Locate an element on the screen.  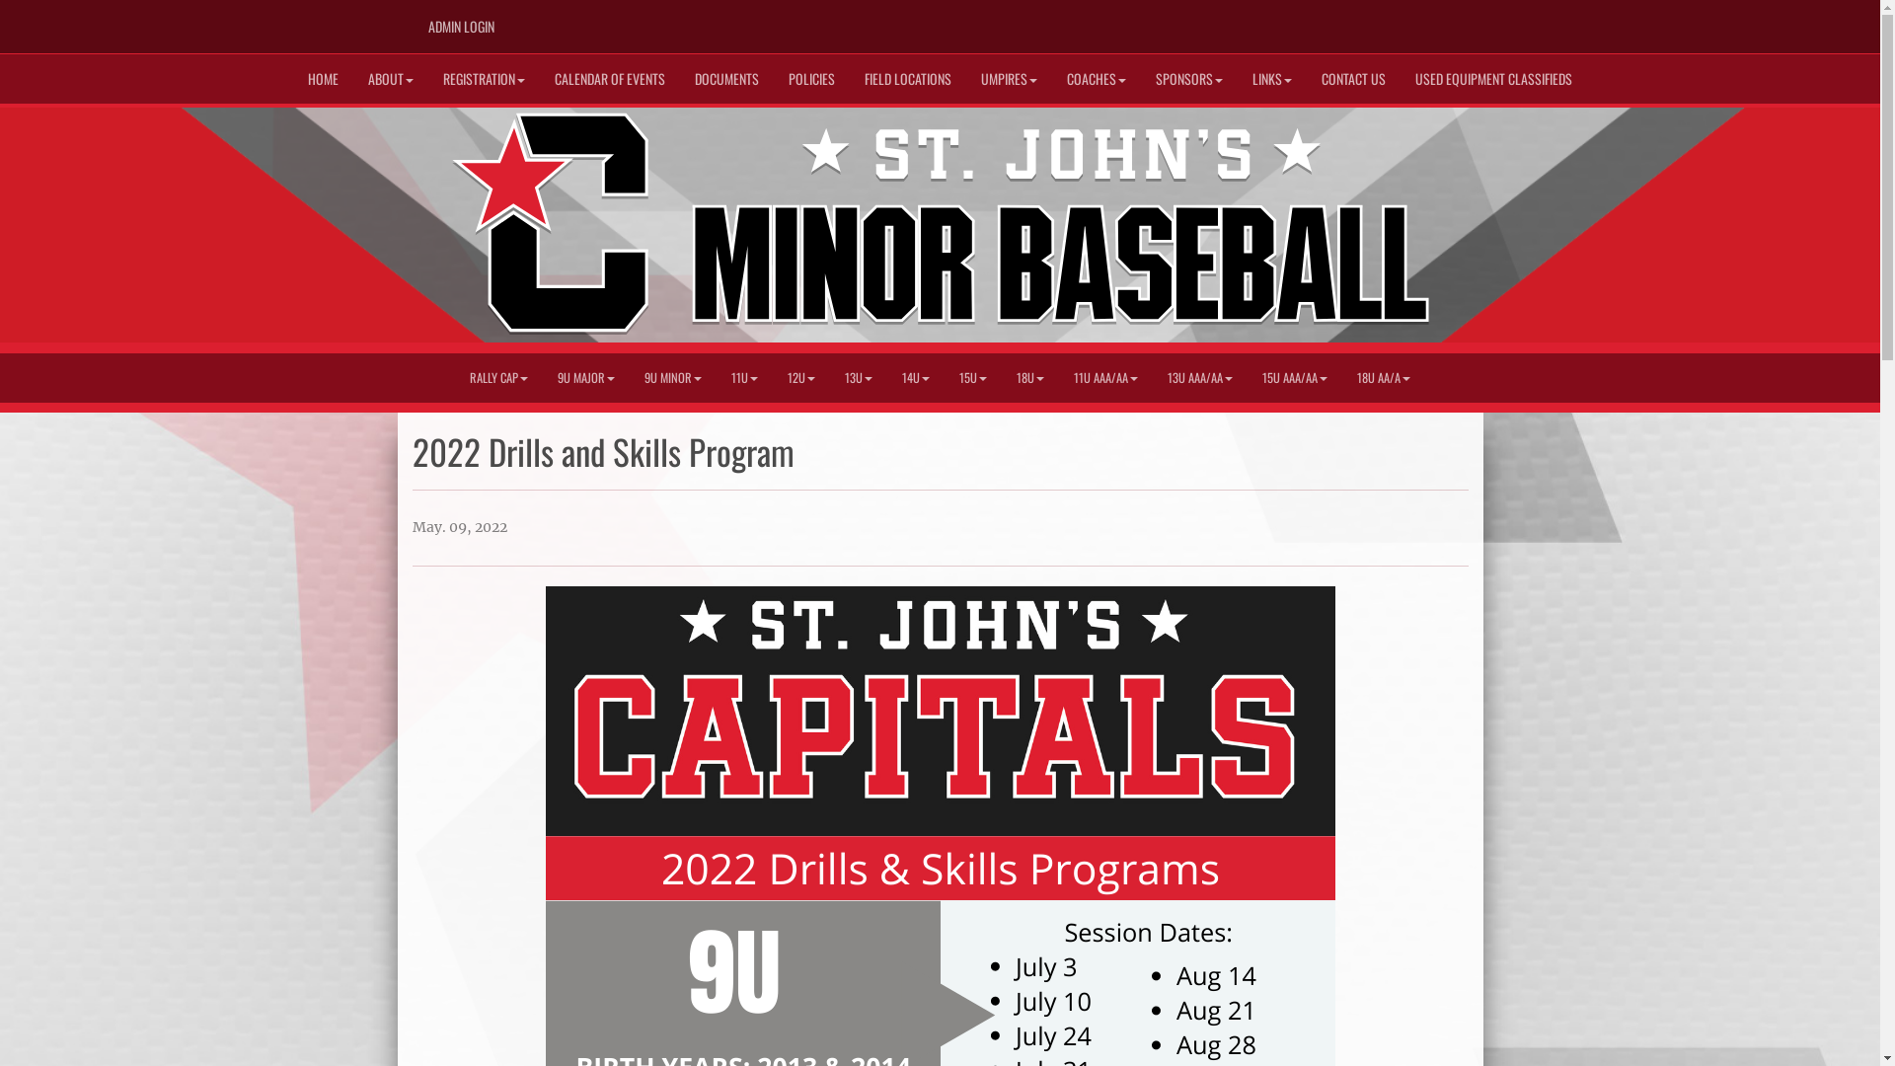
'CONTACT US' is located at coordinates (1352, 78).